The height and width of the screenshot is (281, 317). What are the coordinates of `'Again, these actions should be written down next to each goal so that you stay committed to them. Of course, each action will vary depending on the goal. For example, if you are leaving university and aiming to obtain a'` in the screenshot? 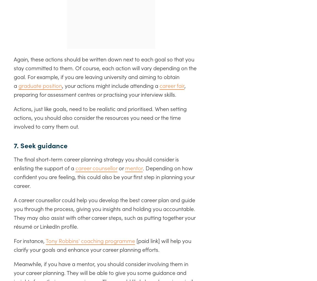 It's located at (105, 72).